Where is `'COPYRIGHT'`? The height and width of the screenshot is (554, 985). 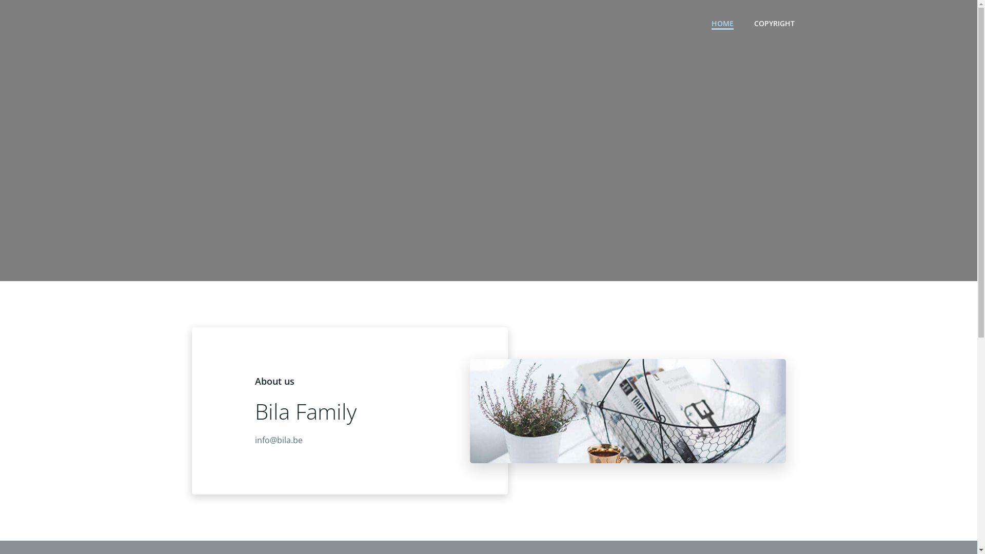 'COPYRIGHT' is located at coordinates (774, 23).